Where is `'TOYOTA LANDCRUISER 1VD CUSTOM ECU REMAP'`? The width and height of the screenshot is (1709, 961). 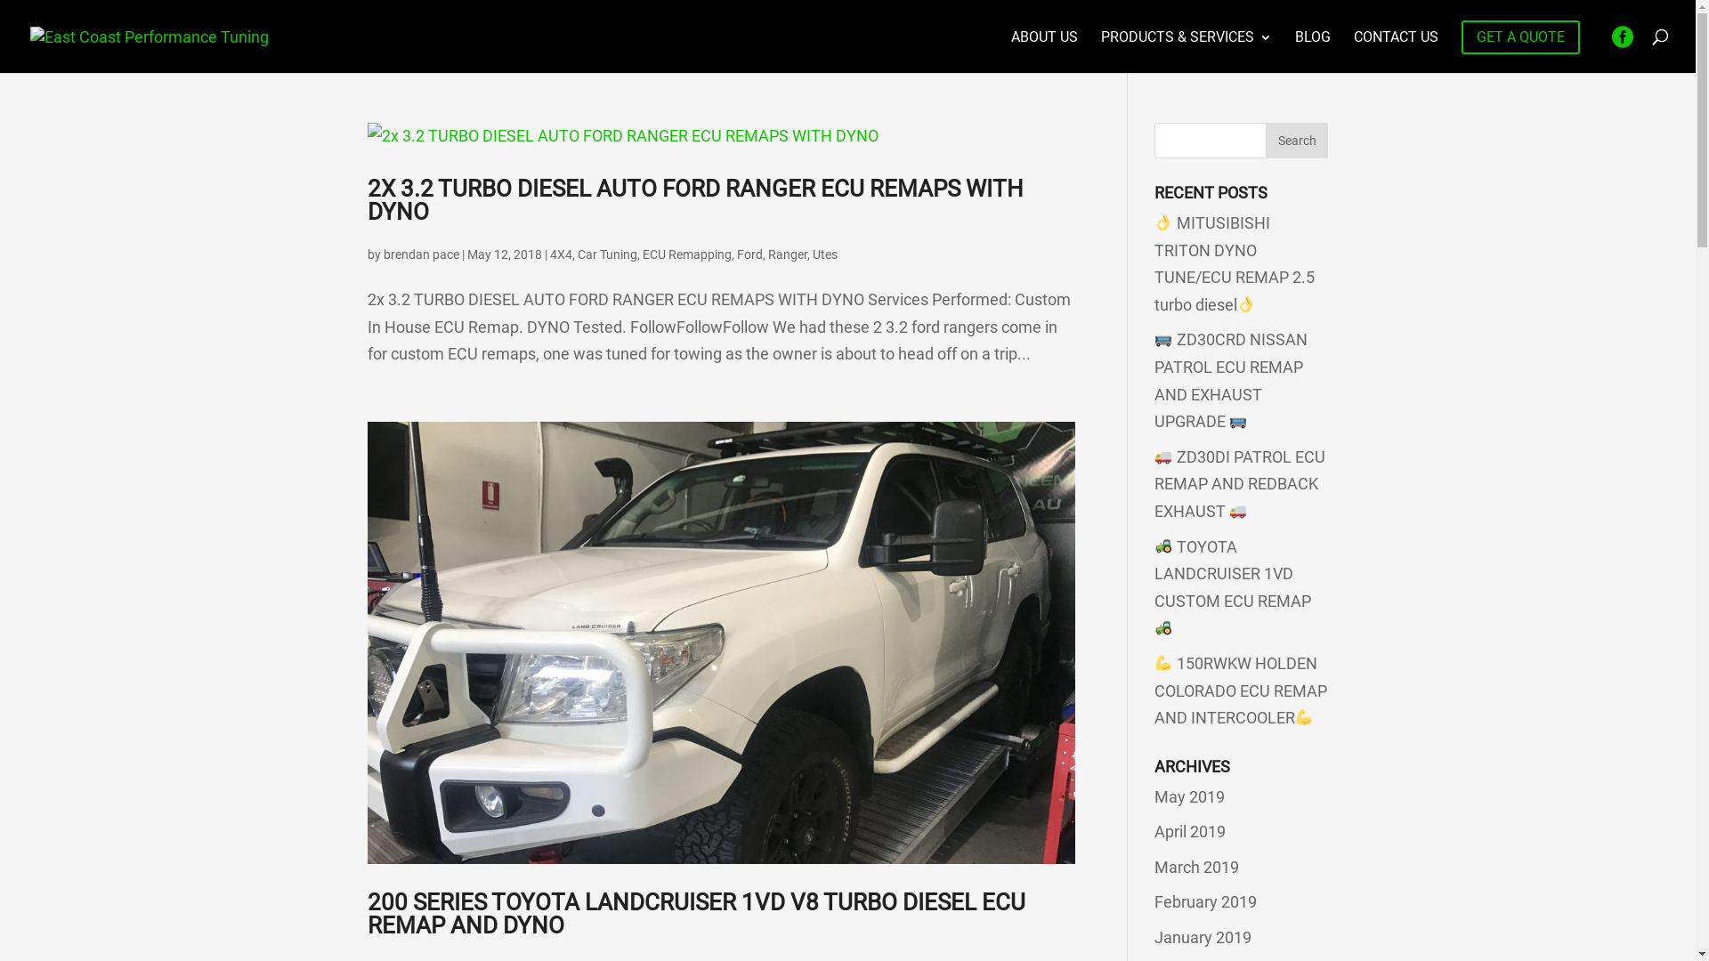 'TOYOTA LANDCRUISER 1VD CUSTOM ECU REMAP' is located at coordinates (1232, 587).